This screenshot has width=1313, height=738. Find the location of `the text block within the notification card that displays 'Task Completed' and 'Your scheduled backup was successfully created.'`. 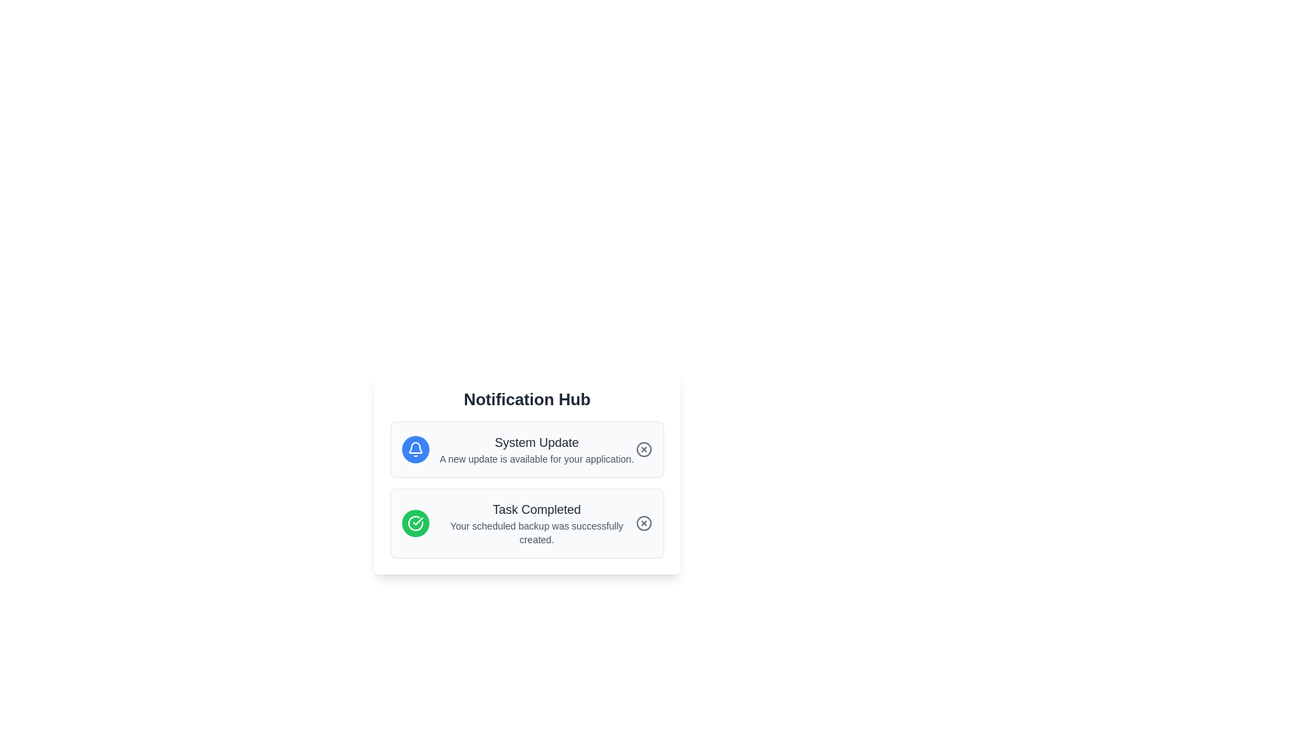

the text block within the notification card that displays 'Task Completed' and 'Your scheduled backup was successfully created.' is located at coordinates (536, 523).